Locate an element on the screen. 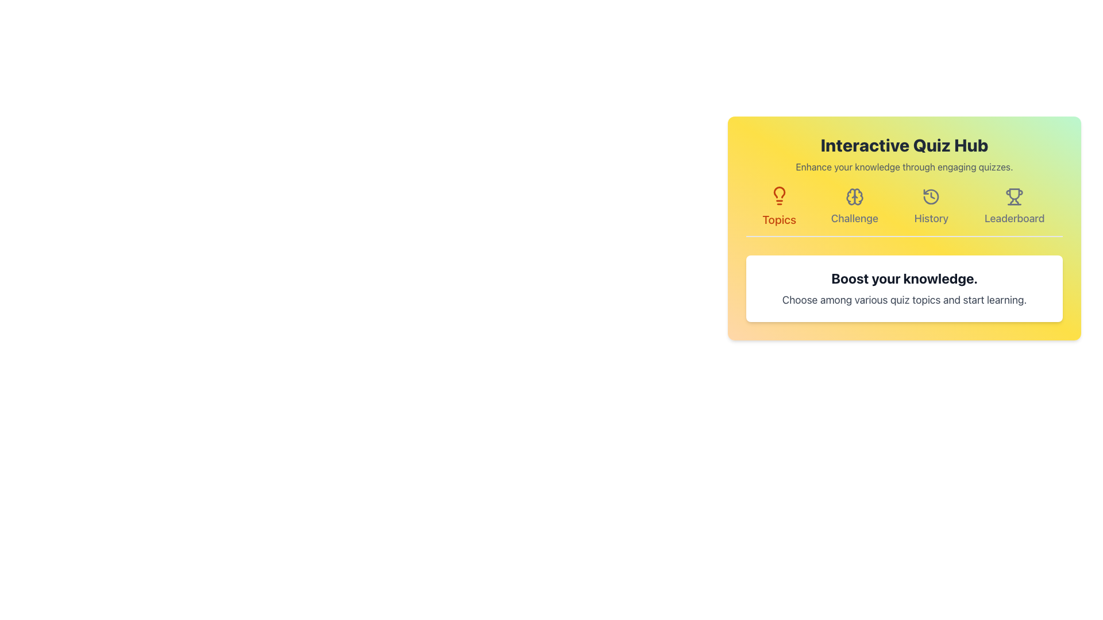 The image size is (1103, 620). the 'Topics' text label, which is styled in bold orange font and located under a lightbulb icon in a yellow card interface is located at coordinates (780, 219).